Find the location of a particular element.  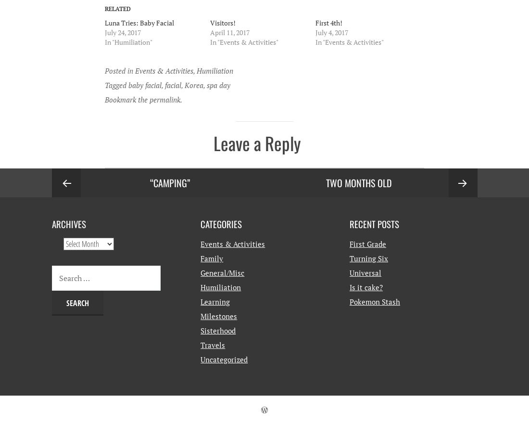

'Archives' is located at coordinates (68, 223).